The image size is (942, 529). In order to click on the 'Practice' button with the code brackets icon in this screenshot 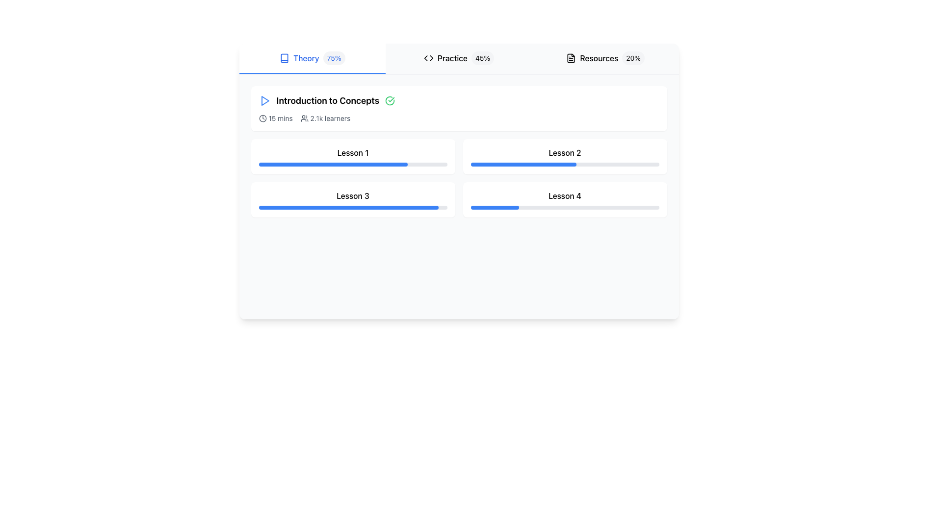, I will do `click(458, 58)`.